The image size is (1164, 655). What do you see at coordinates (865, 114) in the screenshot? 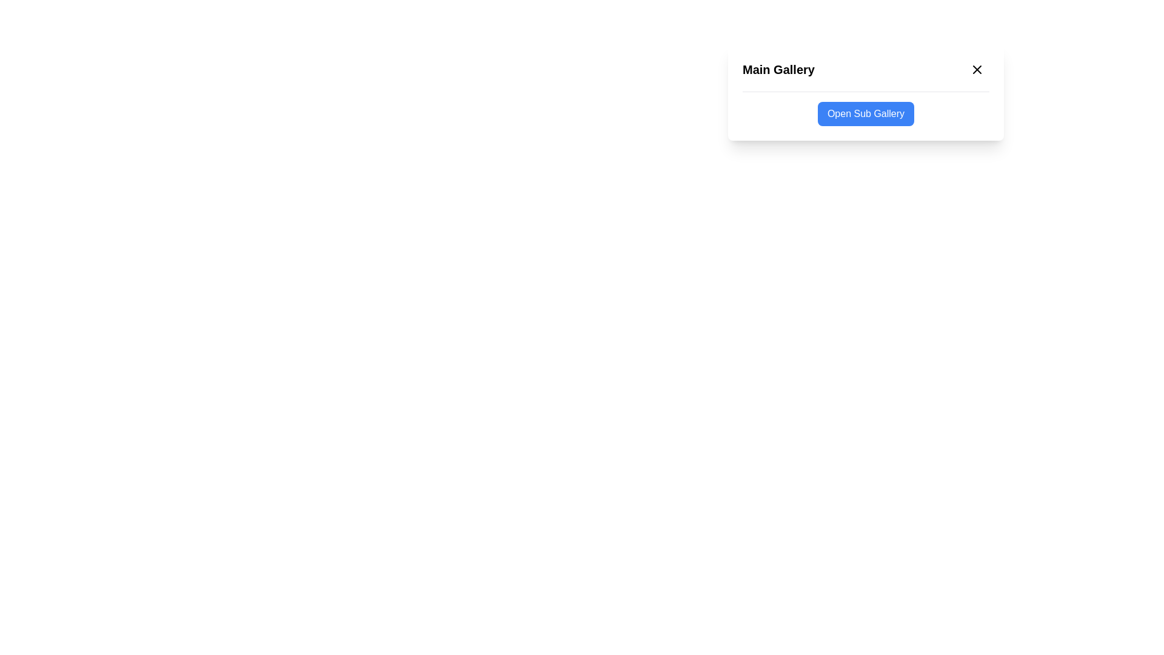
I see `the blue button labeled 'Open Sub Gallery'` at bounding box center [865, 114].